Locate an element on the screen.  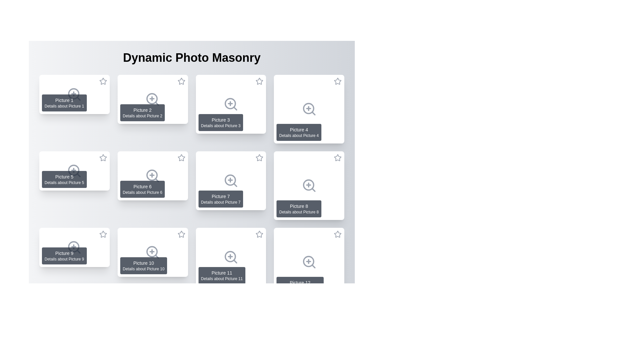
the text label displaying 'Details about Picture 4' is located at coordinates (298, 135).